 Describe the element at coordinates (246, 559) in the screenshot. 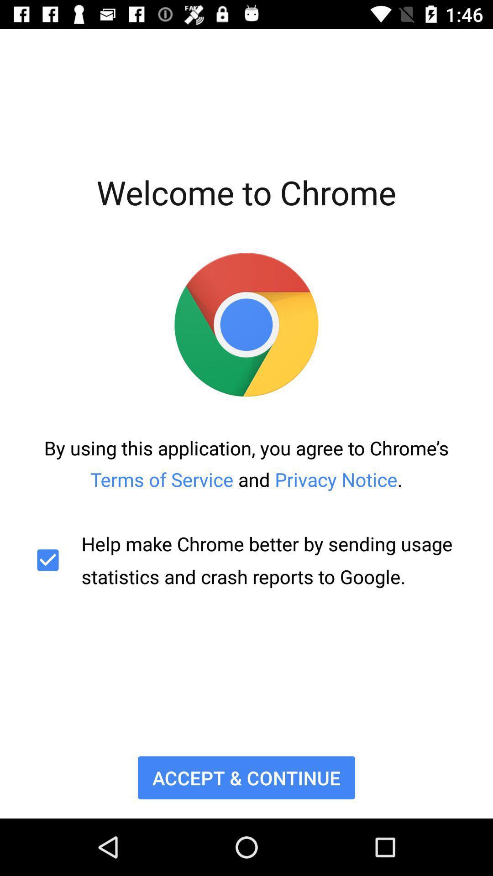

I see `the help make chrome` at that location.